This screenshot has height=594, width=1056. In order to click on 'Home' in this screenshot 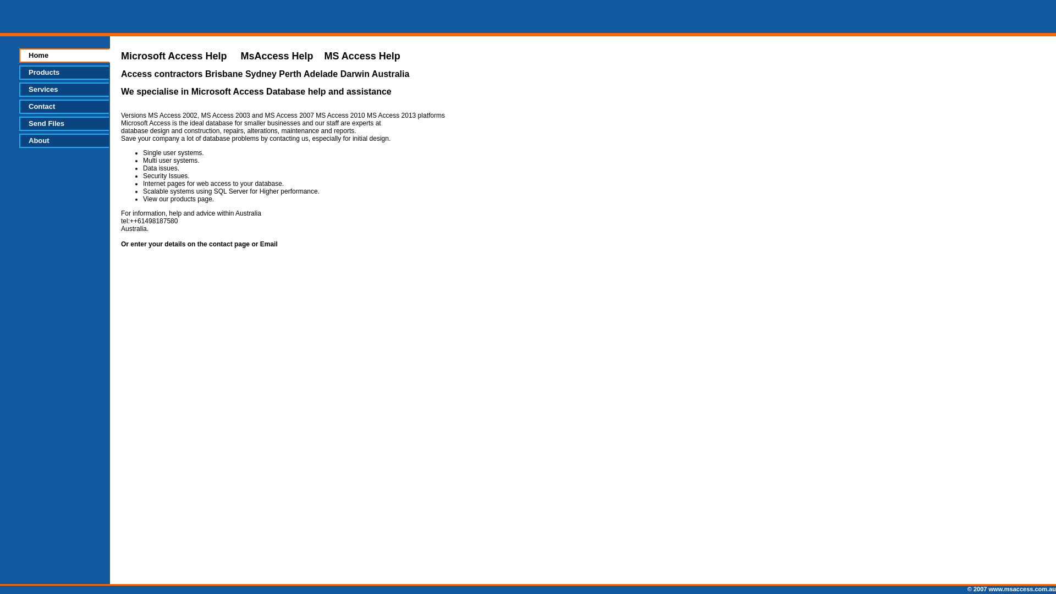, I will do `click(64, 55)`.